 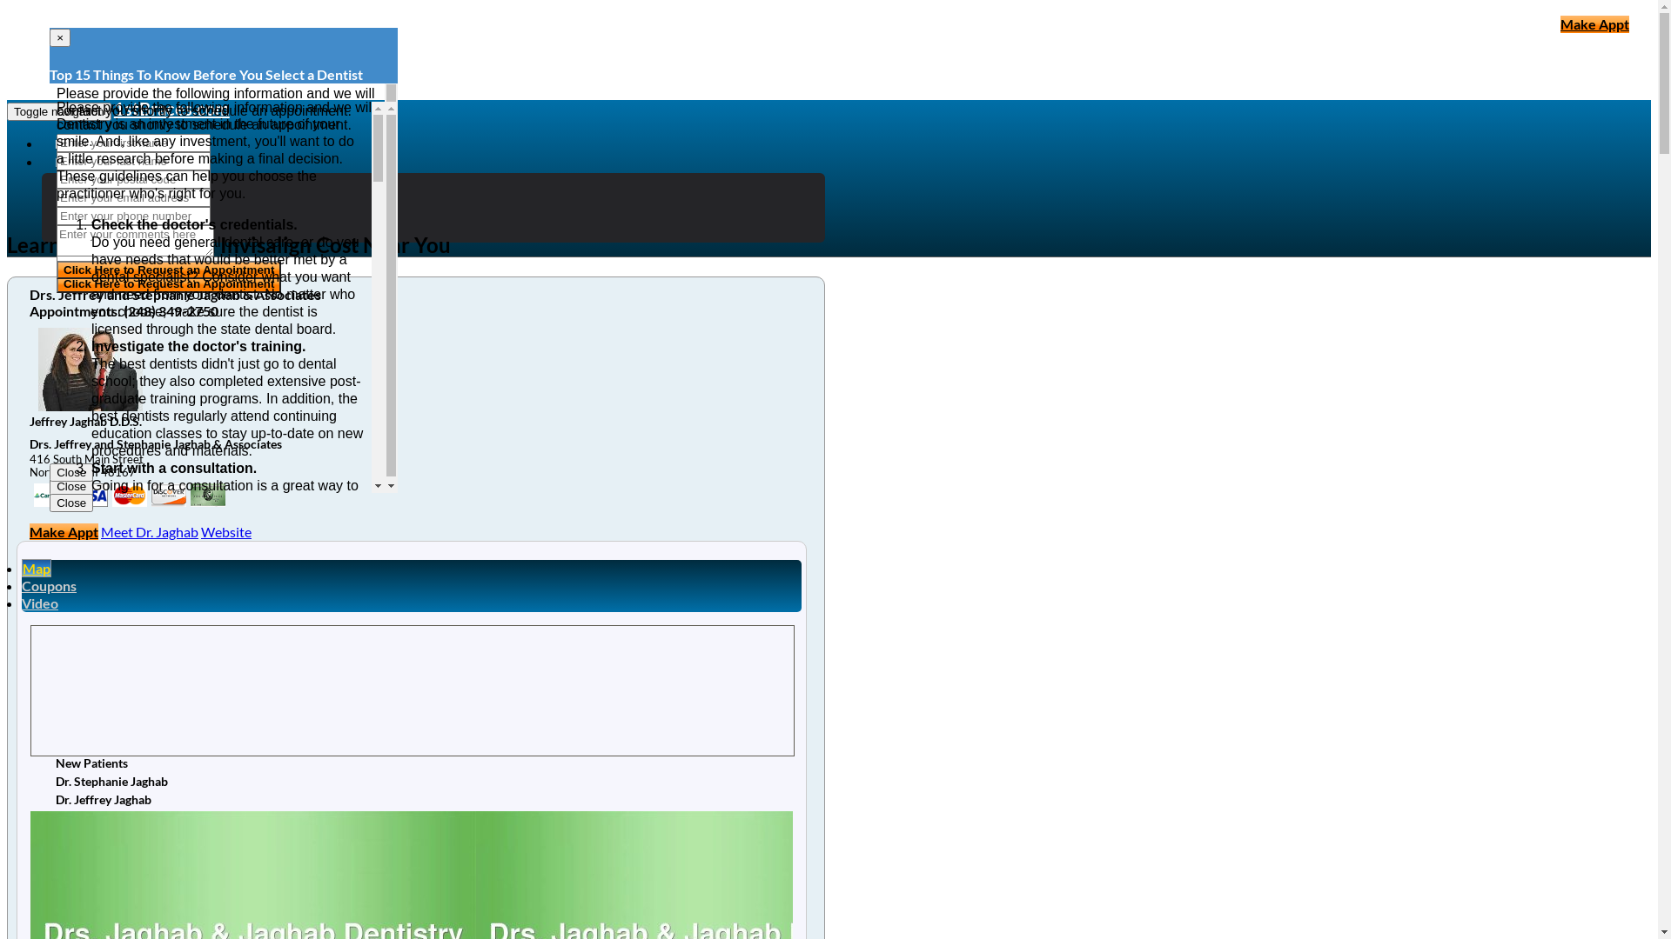 What do you see at coordinates (70, 143) in the screenshot?
I see `'Home'` at bounding box center [70, 143].